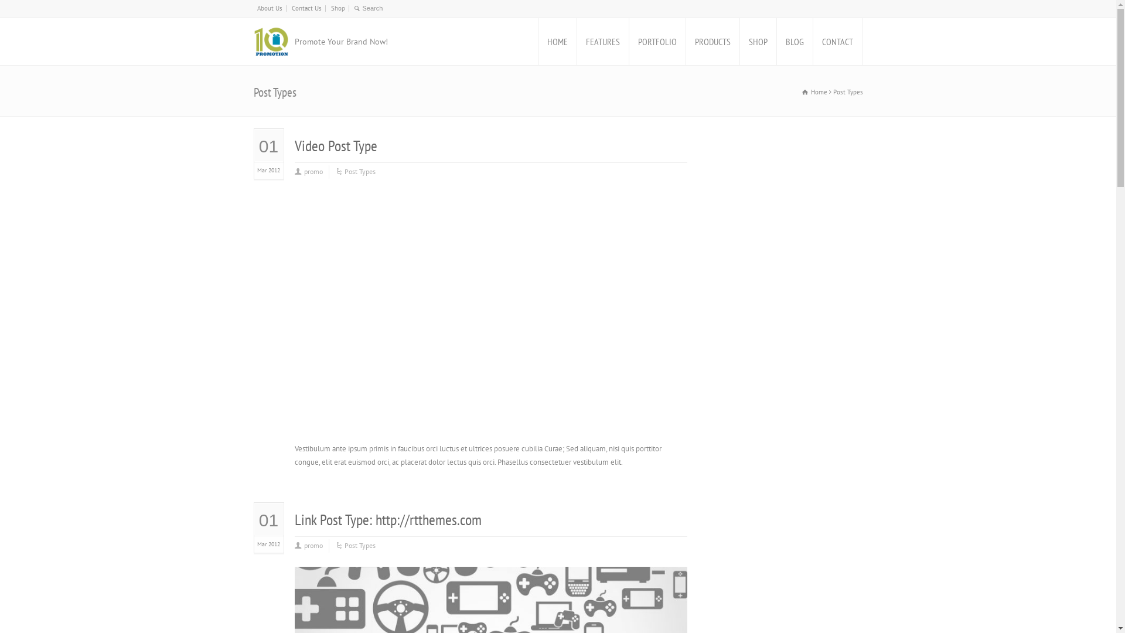 This screenshot has height=633, width=1125. What do you see at coordinates (253, 156) in the screenshot?
I see `'01` at bounding box center [253, 156].